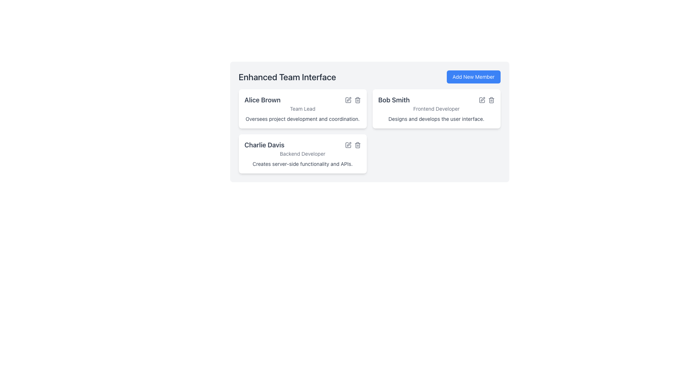 The height and width of the screenshot is (392, 698). What do you see at coordinates (353, 145) in the screenshot?
I see `the edit icon in the control icons grouped for editing or deleting the profile associated with Charlie Davis, located in the bottom left section of the main interface` at bounding box center [353, 145].